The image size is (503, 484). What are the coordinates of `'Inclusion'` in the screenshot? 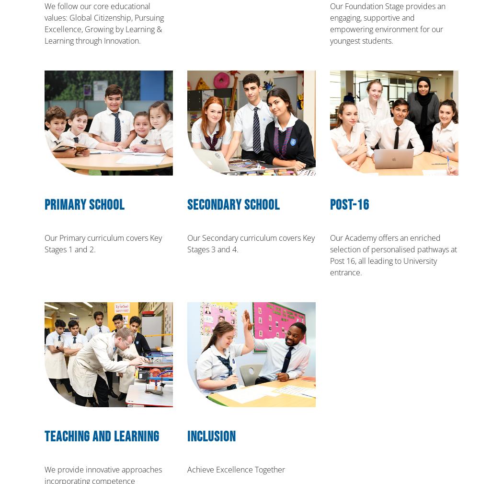 It's located at (211, 437).